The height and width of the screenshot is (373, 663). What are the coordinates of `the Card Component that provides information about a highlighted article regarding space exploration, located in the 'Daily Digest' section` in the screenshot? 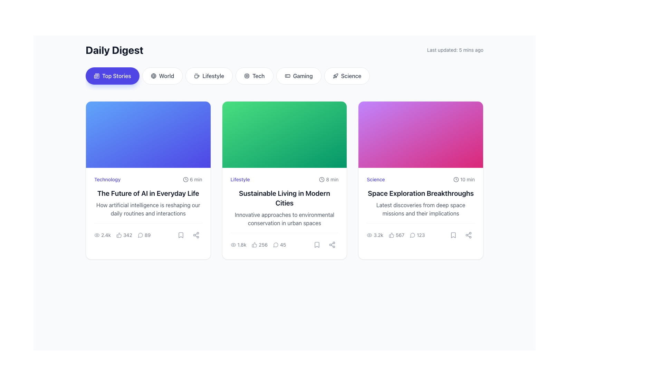 It's located at (420, 208).